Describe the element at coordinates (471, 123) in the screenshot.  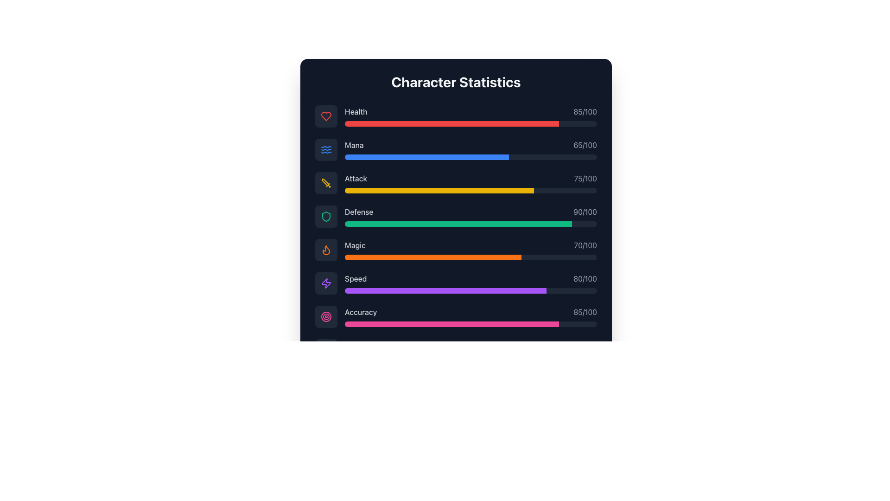
I see `the Health progress bar, which visually represents the character's health metric and is labeled with 'Health' on the left and '85/100' on the right` at that location.